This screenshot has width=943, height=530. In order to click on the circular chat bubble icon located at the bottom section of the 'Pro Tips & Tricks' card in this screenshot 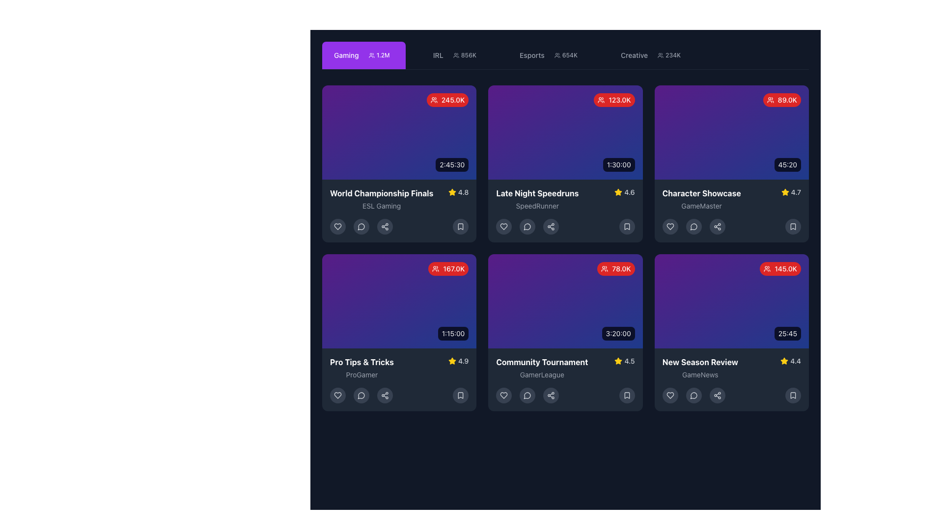, I will do `click(361, 395)`.